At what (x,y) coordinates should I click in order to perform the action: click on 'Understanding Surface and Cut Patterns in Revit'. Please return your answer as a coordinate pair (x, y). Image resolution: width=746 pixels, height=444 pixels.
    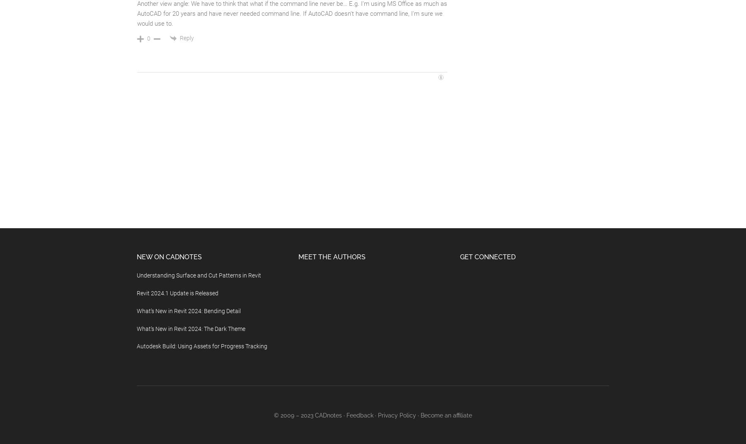
    Looking at the image, I should click on (199, 275).